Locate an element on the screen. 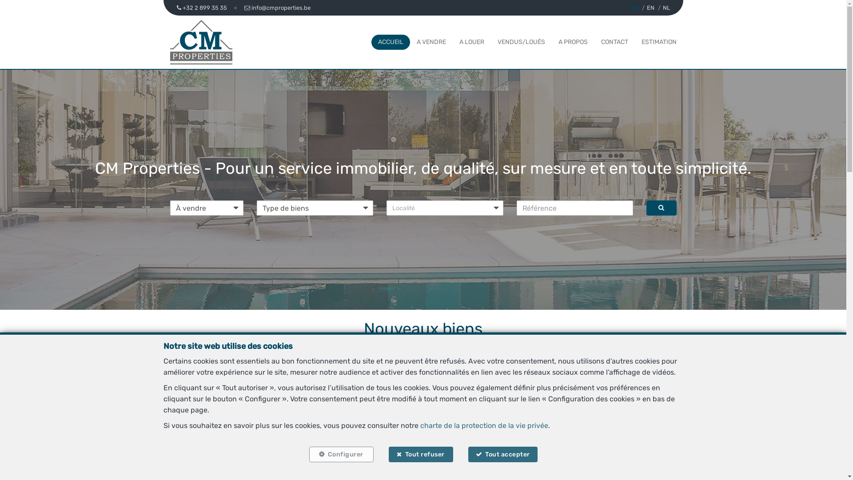  'FR' is located at coordinates (634, 8).